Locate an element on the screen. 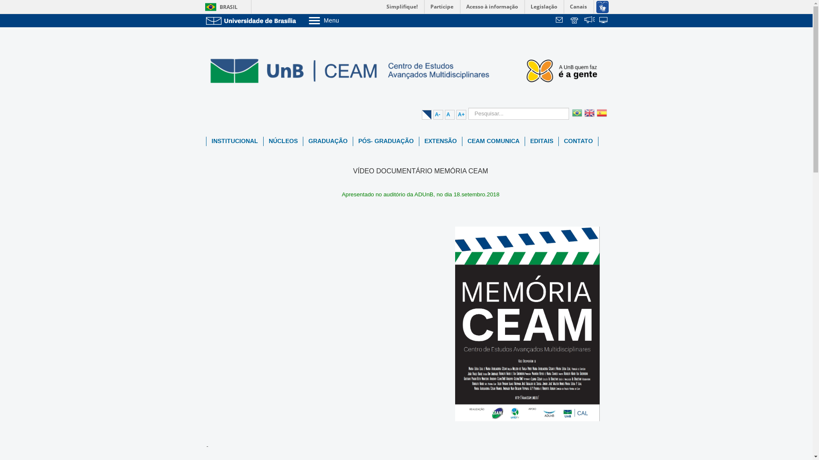 The image size is (819, 460). 'Spanish' is located at coordinates (600, 118).